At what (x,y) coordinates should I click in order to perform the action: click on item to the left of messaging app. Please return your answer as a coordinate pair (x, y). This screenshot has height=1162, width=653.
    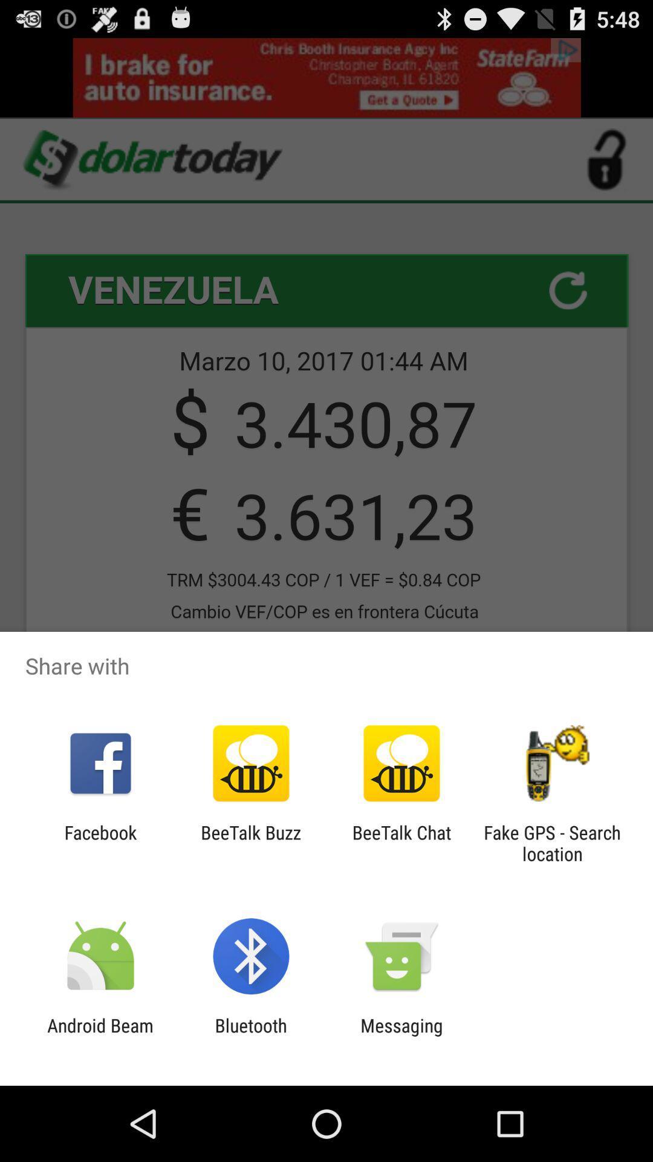
    Looking at the image, I should click on (250, 1036).